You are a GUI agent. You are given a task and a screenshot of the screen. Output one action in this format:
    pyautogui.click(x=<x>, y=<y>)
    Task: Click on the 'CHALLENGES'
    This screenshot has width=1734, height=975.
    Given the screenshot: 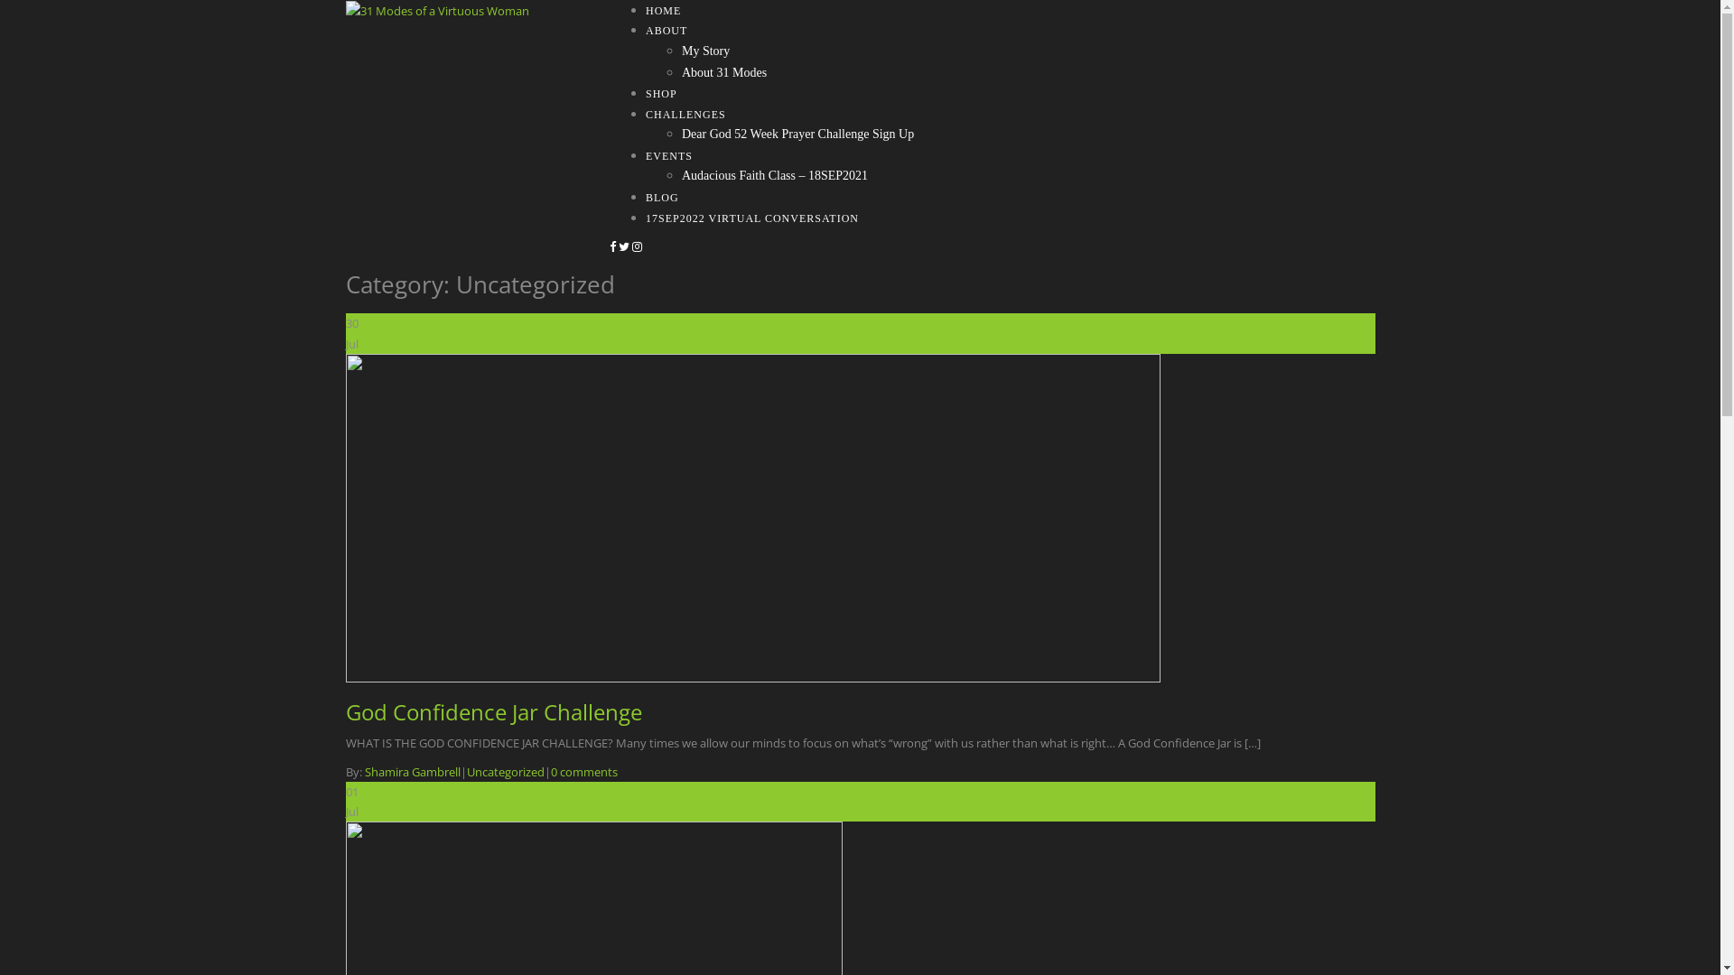 What is the action you would take?
    pyautogui.click(x=685, y=115)
    